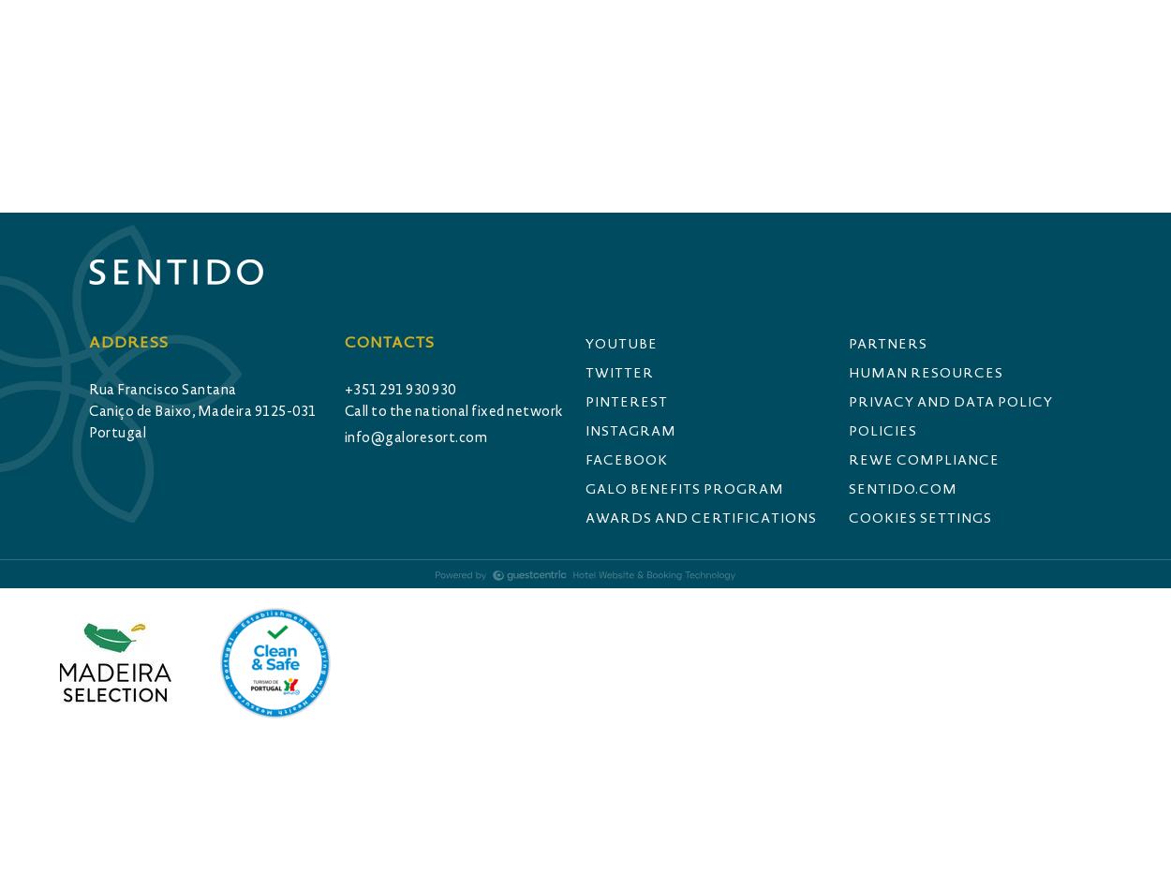 Image resolution: width=1171 pixels, height=888 pixels. I want to click on 'Portugal', so click(117, 431).